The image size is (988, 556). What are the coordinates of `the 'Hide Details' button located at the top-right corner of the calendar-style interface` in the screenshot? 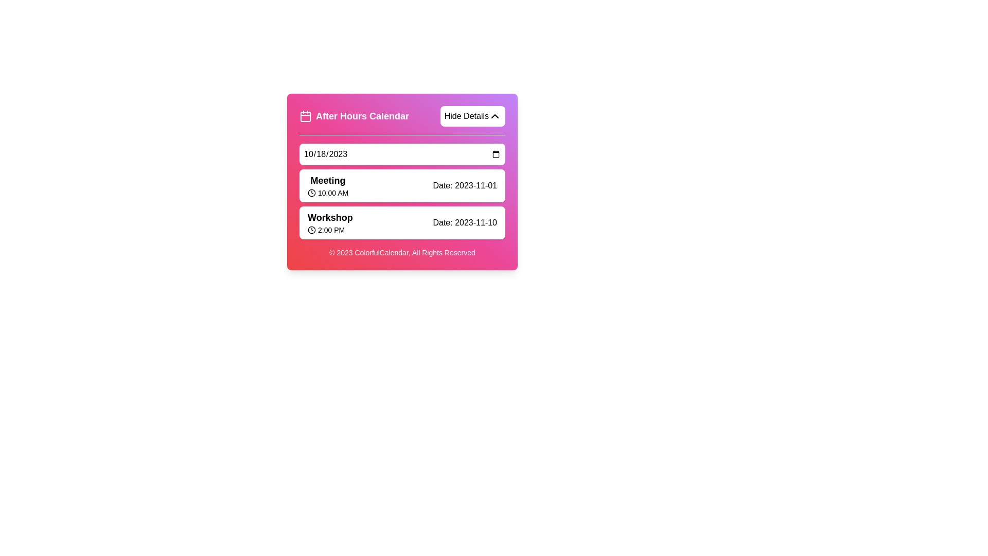 It's located at (495, 116).